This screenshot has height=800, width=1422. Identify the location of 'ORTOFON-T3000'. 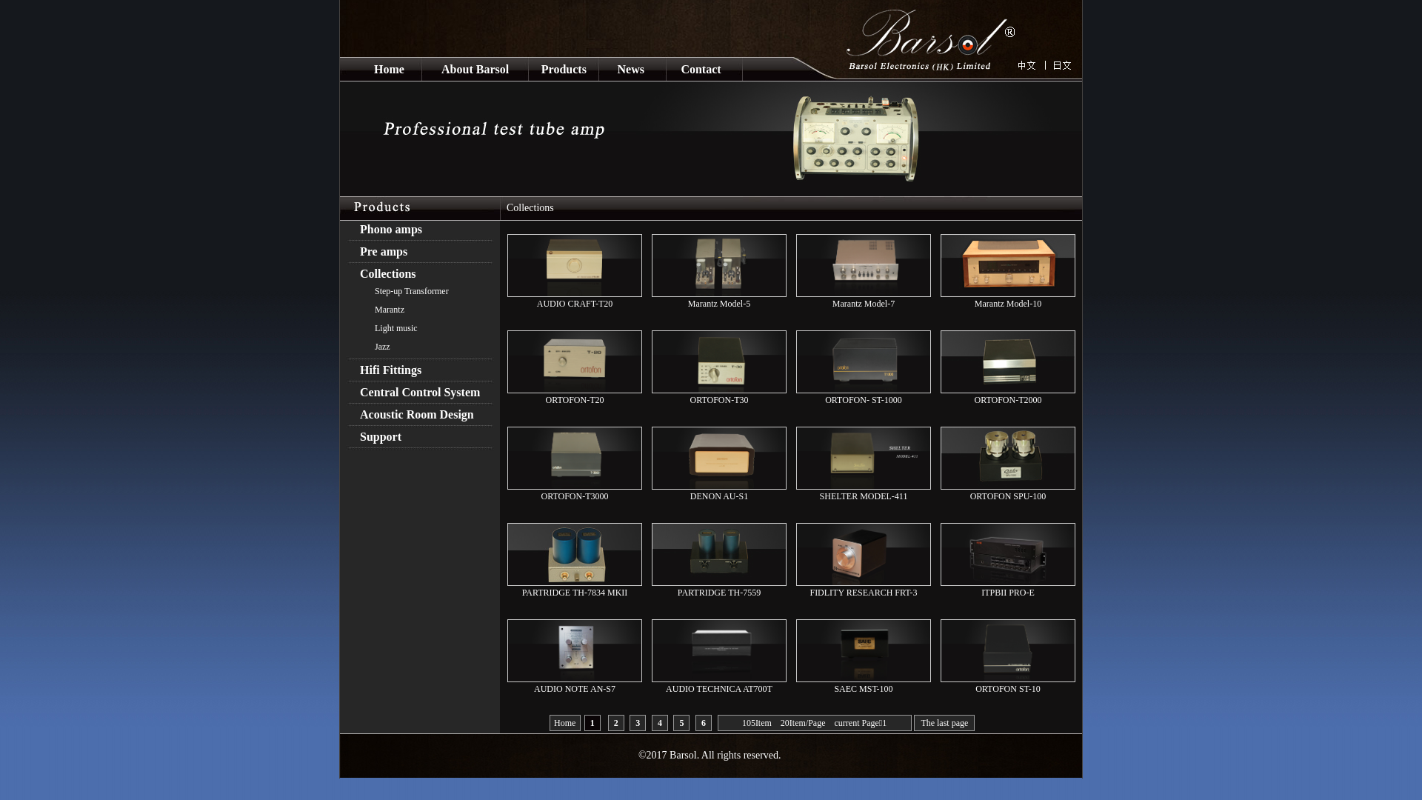
(539, 496).